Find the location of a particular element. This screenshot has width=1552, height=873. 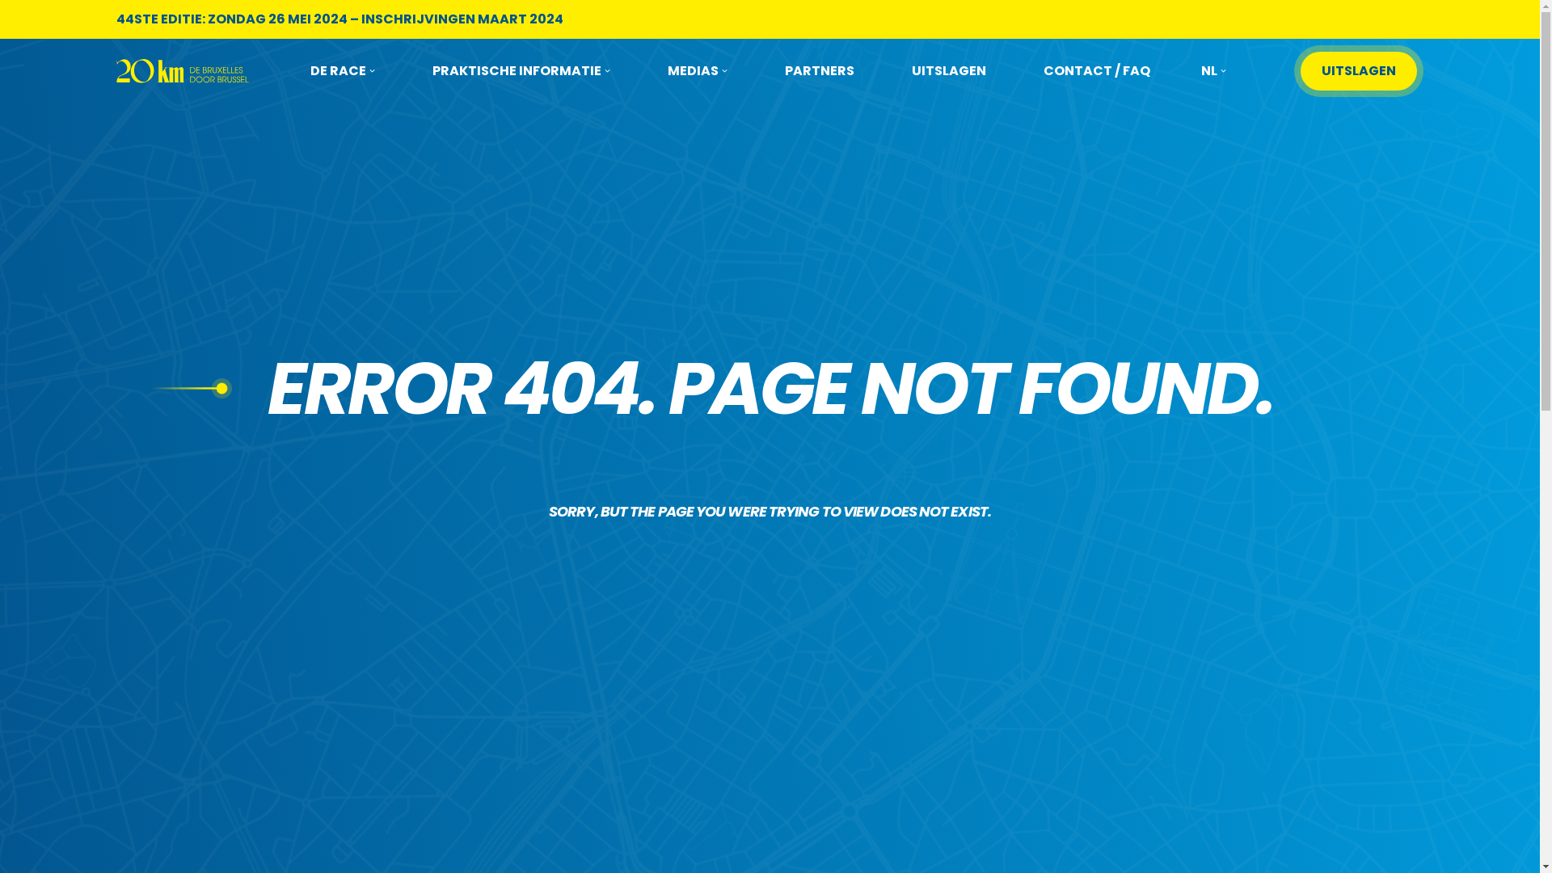

'UITSLAGEN' is located at coordinates (1358, 70).